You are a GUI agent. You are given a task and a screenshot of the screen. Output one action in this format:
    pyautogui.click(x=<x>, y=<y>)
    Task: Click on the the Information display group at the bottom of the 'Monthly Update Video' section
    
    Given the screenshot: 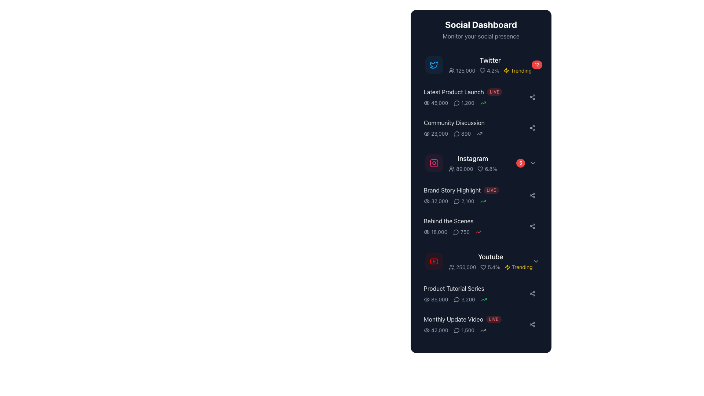 What is the action you would take?
    pyautogui.click(x=475, y=330)
    